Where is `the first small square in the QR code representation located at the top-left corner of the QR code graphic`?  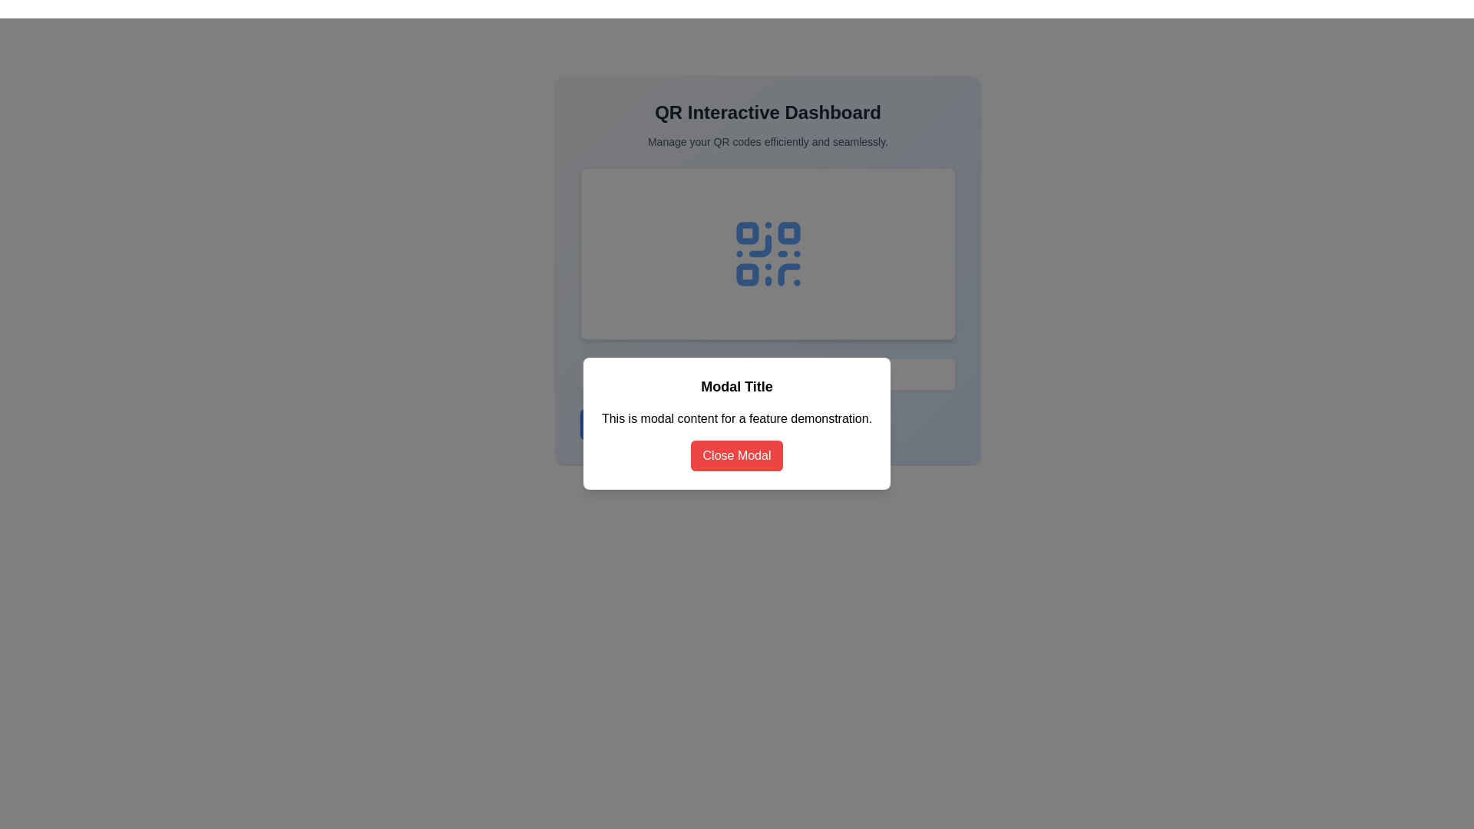
the first small square in the QR code representation located at the top-left corner of the QR code graphic is located at coordinates (747, 233).